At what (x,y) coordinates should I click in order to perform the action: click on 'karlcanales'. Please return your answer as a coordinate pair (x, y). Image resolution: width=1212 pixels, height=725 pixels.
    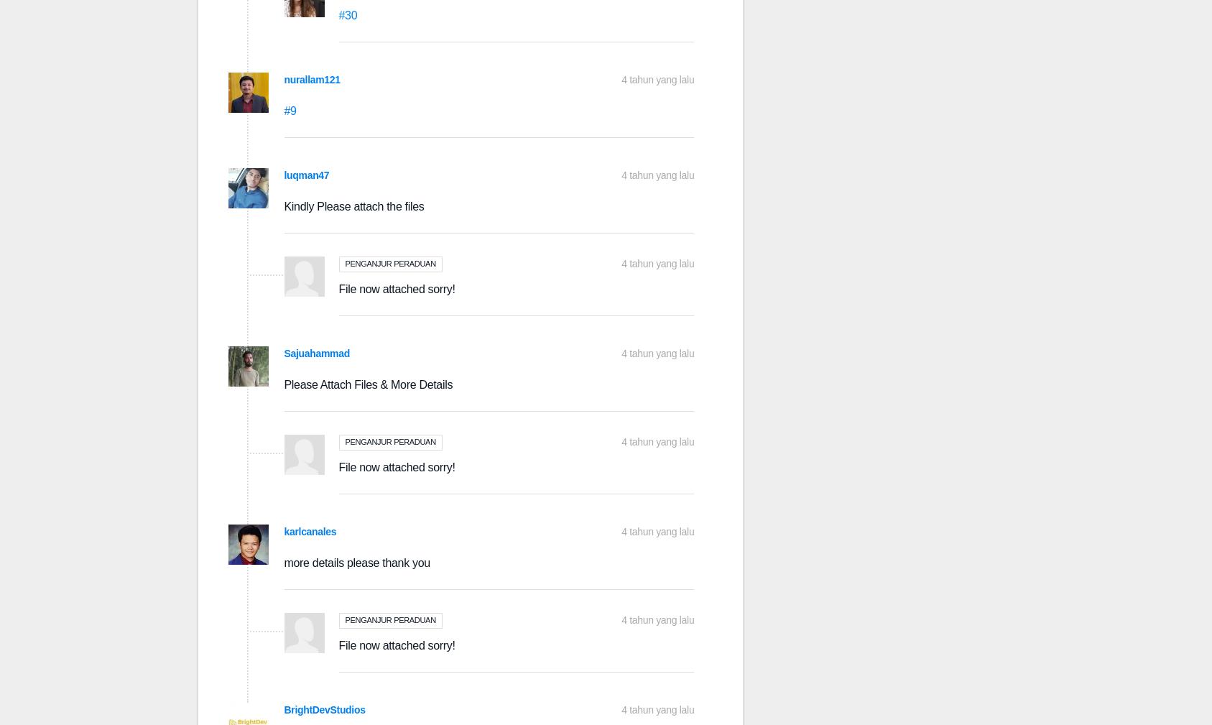
    Looking at the image, I should click on (310, 532).